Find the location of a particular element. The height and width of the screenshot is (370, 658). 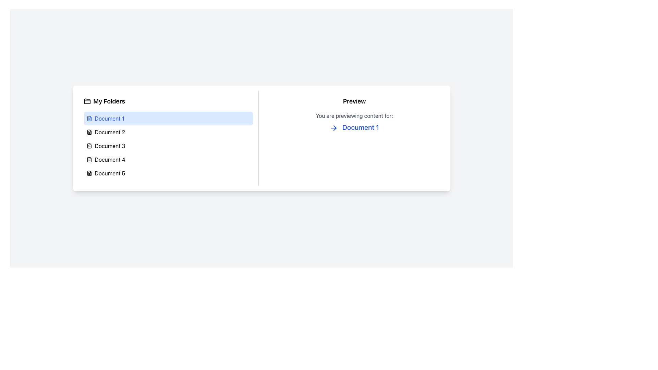

the Decorative Icon representing 'Document 1' in the 'My Folders' section, which is a minimalistic, line-based design icon located to the left of the text is located at coordinates (89, 118).